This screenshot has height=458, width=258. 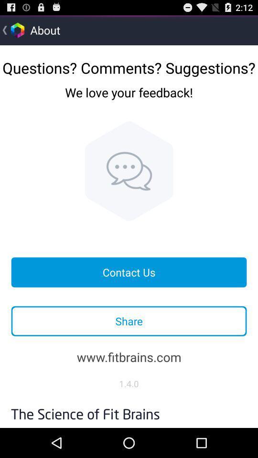 What do you see at coordinates (129, 321) in the screenshot?
I see `the share item` at bounding box center [129, 321].